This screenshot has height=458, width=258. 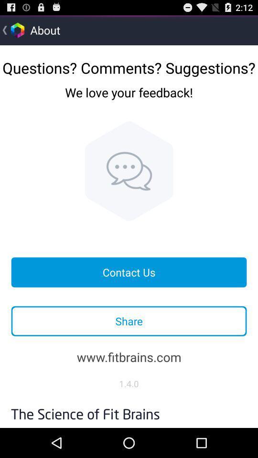 What do you see at coordinates (129, 321) in the screenshot?
I see `the share item` at bounding box center [129, 321].